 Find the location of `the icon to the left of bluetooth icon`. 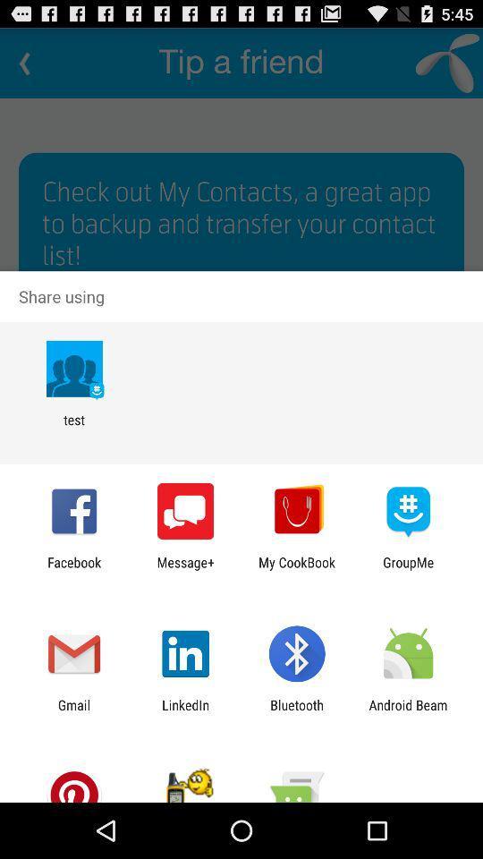

the icon to the left of bluetooth icon is located at coordinates (184, 712).